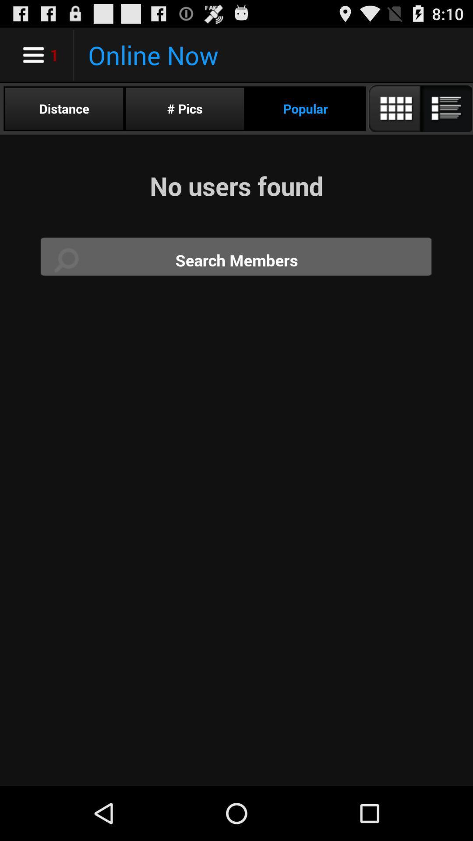 The image size is (473, 841). I want to click on the icon next to popular, so click(419, 108).